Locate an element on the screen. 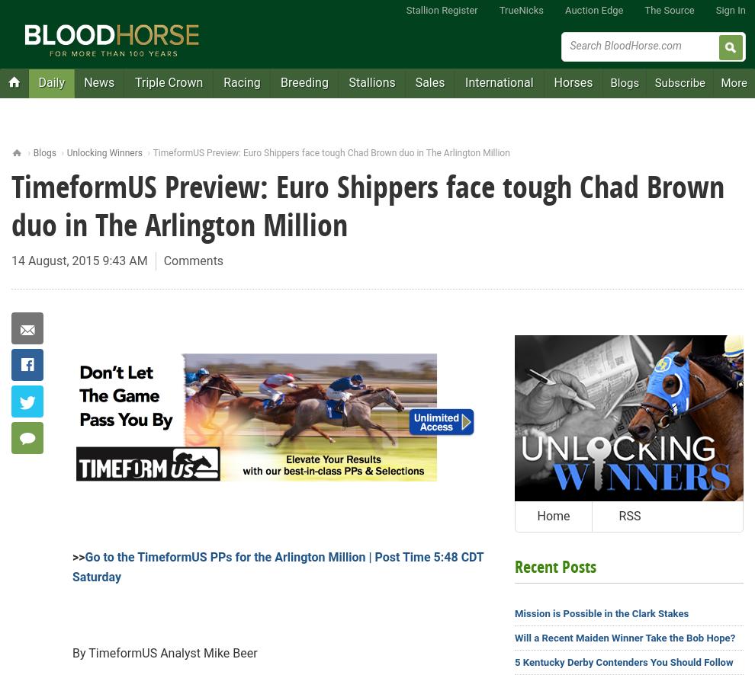 This screenshot has height=675, width=755. 'Comment' is located at coordinates (69, 437).